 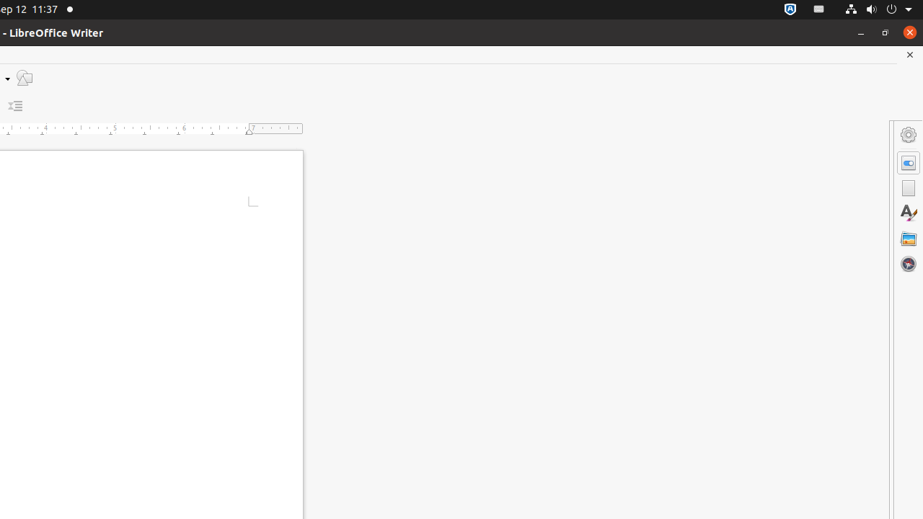 What do you see at coordinates (908, 237) in the screenshot?
I see `'Gallery'` at bounding box center [908, 237].